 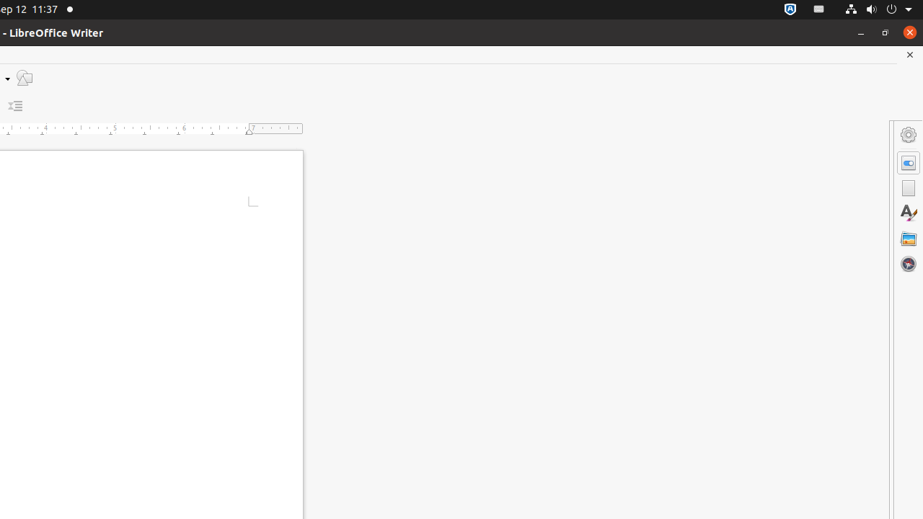 What do you see at coordinates (908, 237) in the screenshot?
I see `'Gallery'` at bounding box center [908, 237].